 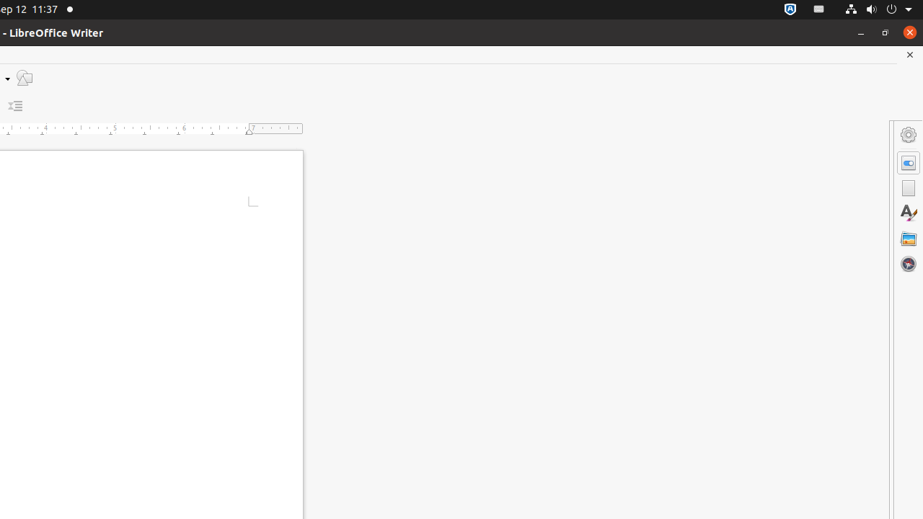 What do you see at coordinates (908, 237) in the screenshot?
I see `'Gallery'` at bounding box center [908, 237].